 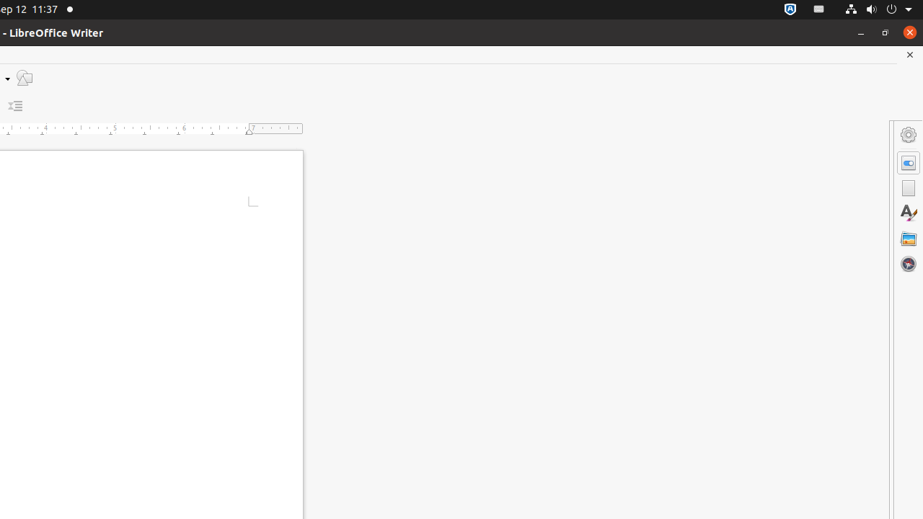 What do you see at coordinates (908, 237) in the screenshot?
I see `'Gallery'` at bounding box center [908, 237].